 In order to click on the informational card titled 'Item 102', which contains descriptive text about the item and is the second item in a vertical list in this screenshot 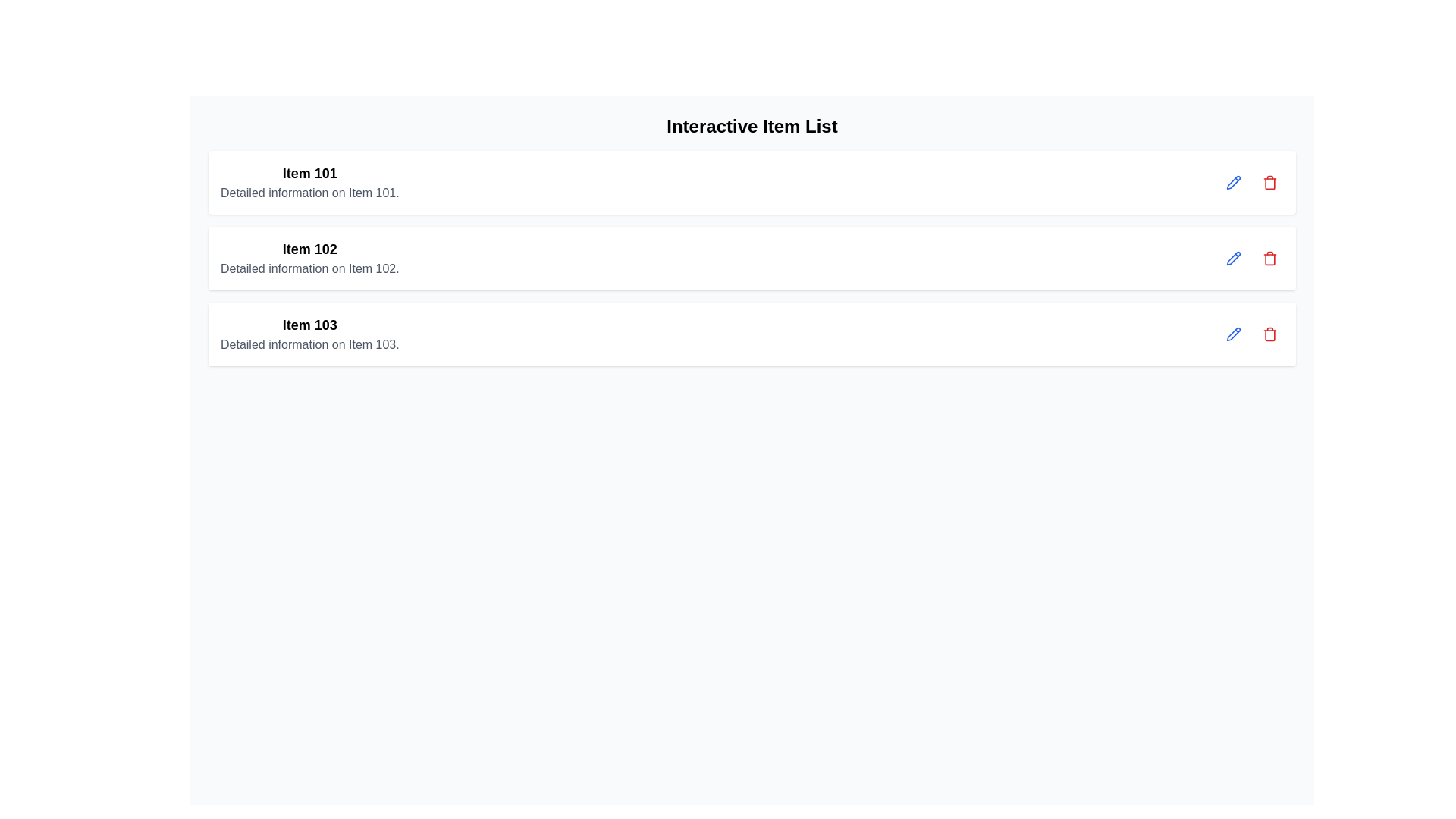, I will do `click(309, 257)`.